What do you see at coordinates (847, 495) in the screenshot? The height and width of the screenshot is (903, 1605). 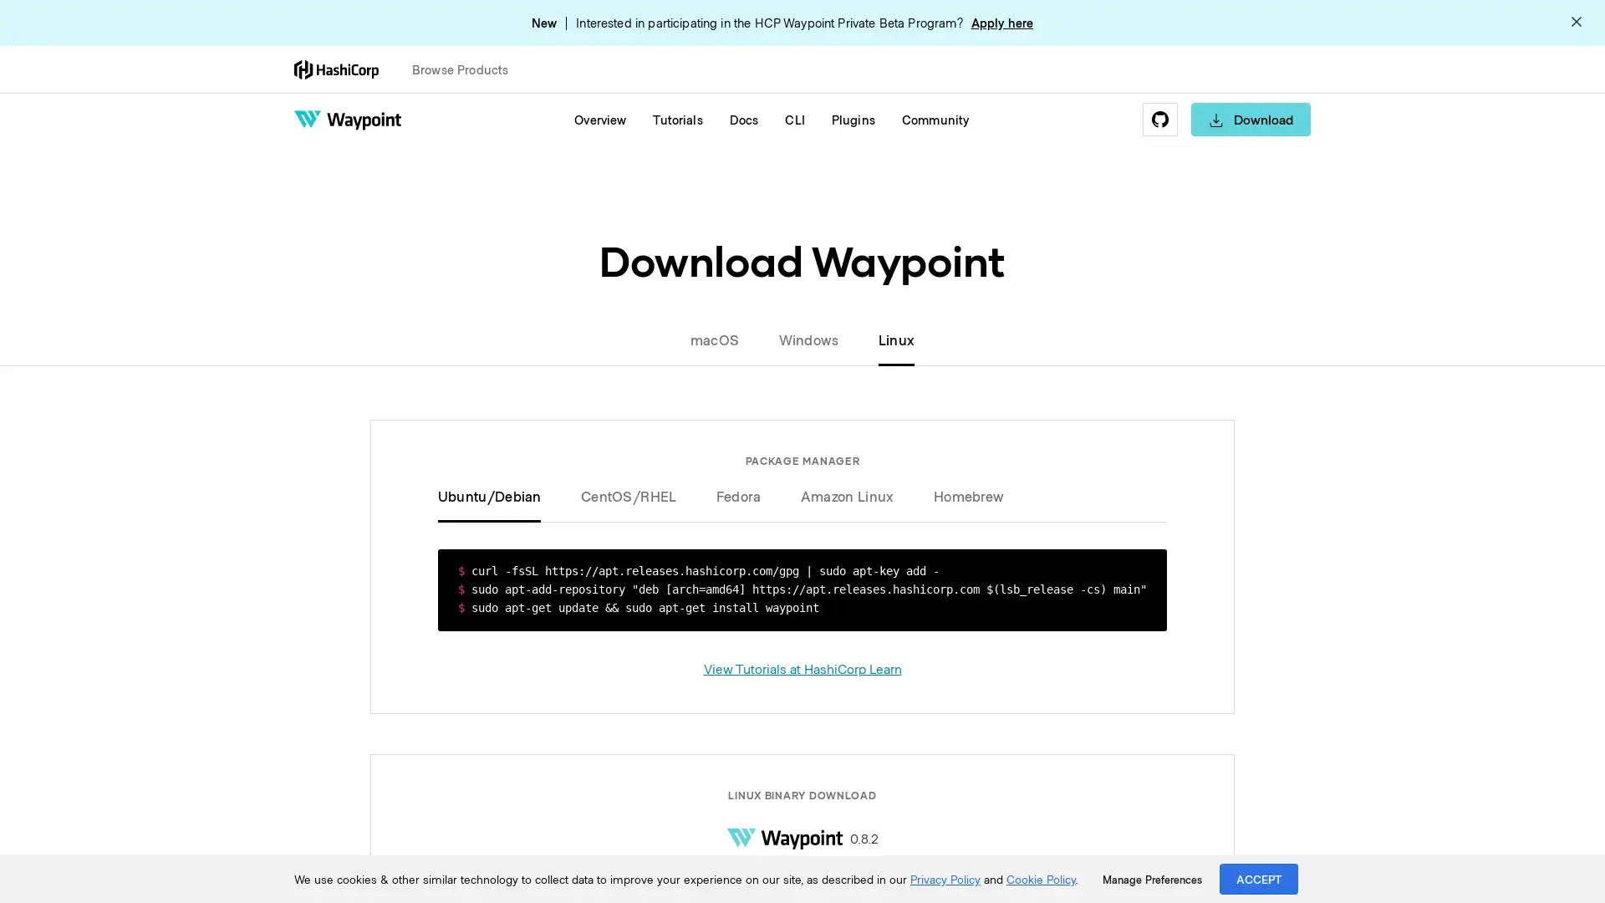 I see `Amazon Linux` at bounding box center [847, 495].